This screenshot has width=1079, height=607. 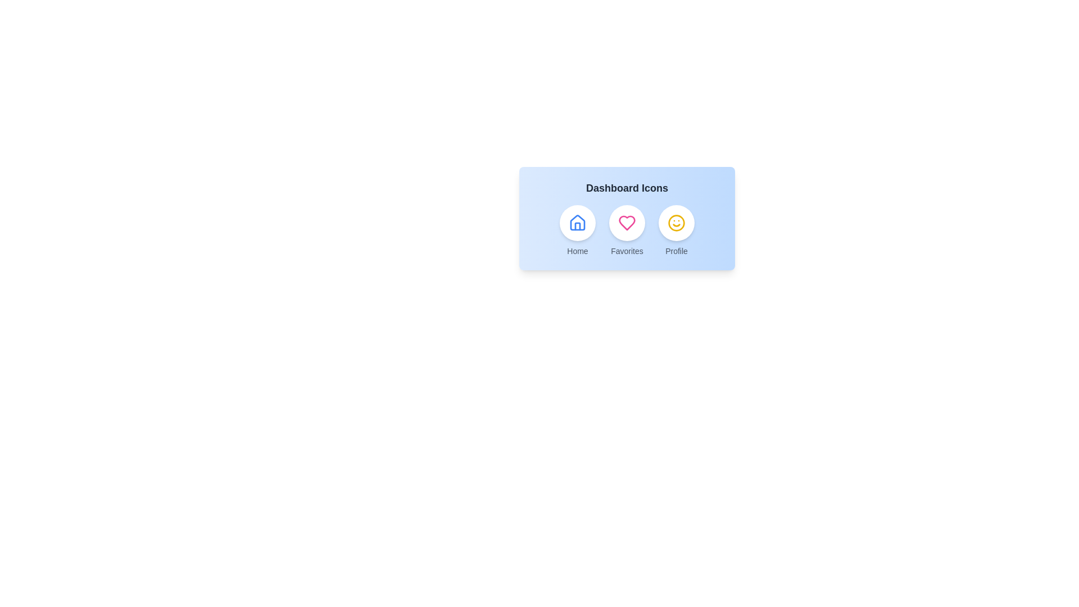 I want to click on the 'Profile' icon, which is the third circular icon in a horizontal row of three icons, so click(x=676, y=223).